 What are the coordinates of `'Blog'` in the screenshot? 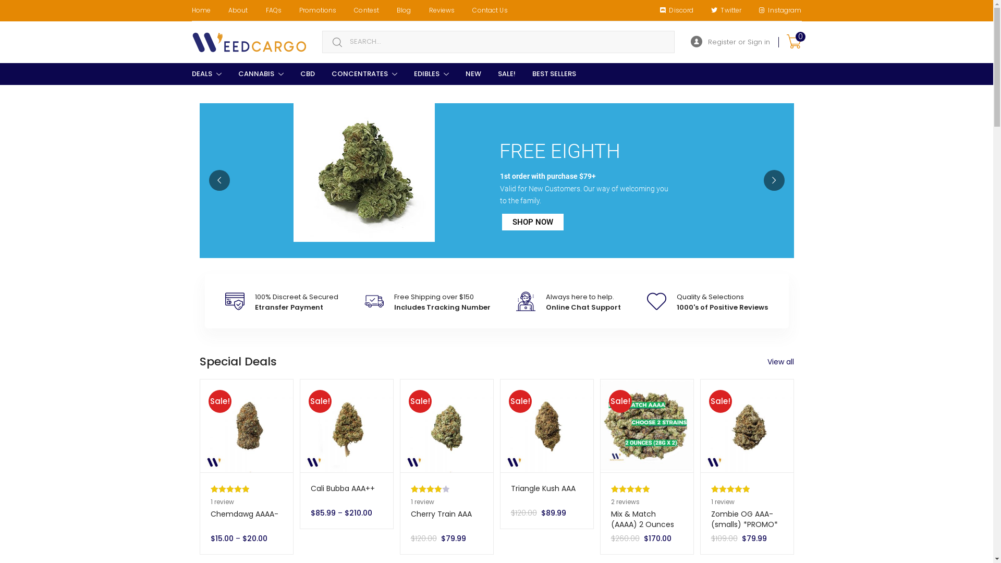 It's located at (403, 10).